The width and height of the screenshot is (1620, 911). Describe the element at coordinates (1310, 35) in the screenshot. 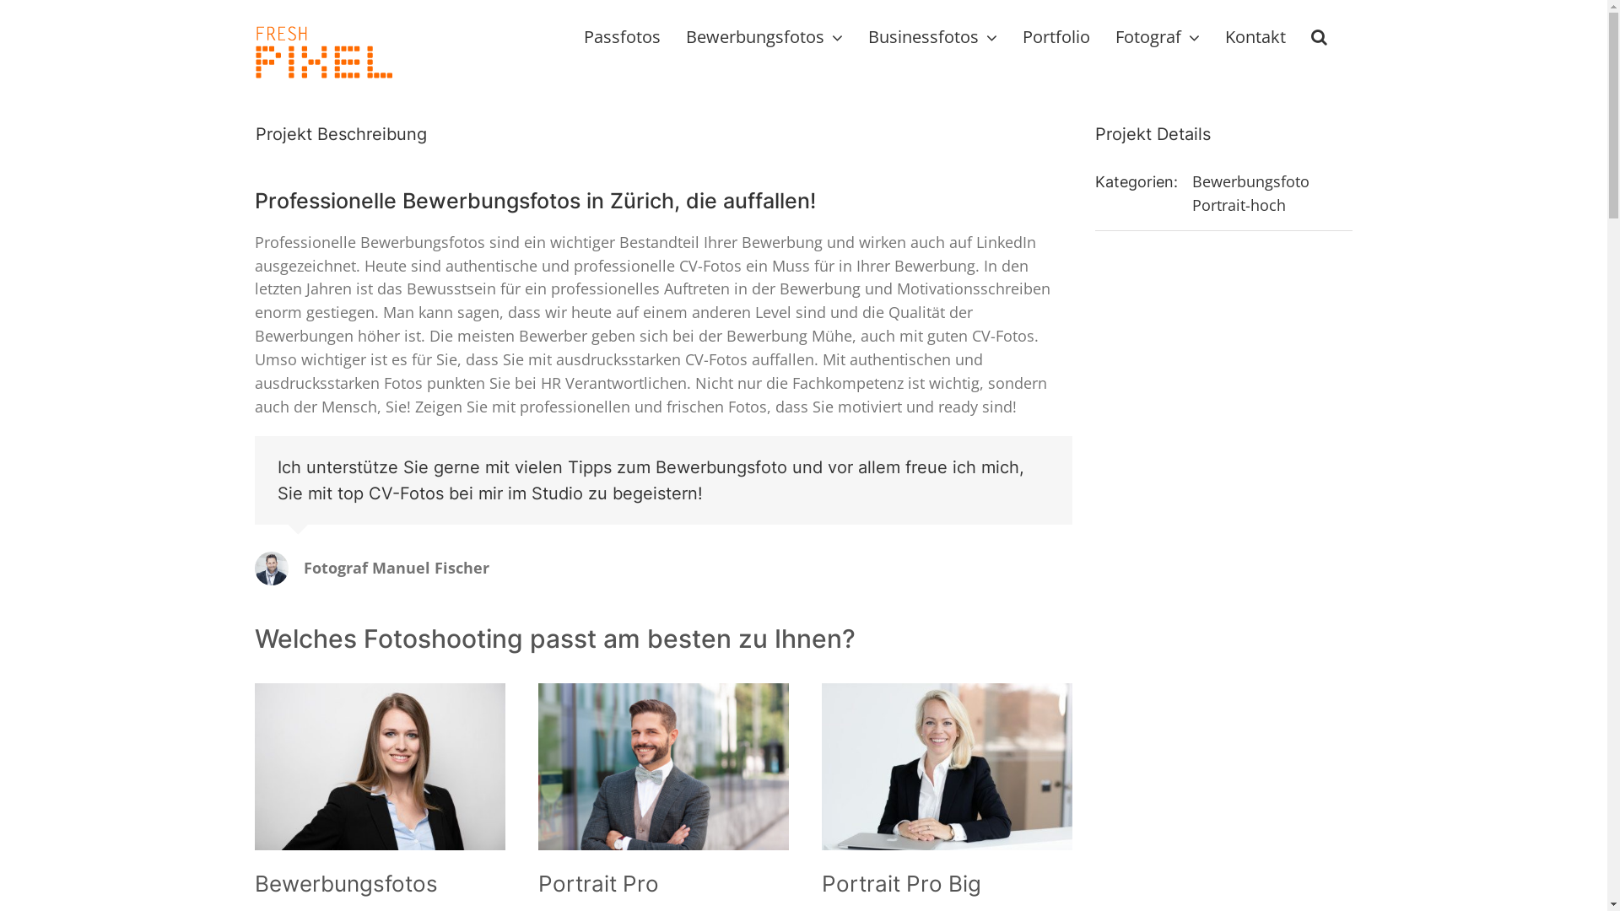

I see `'Suche'` at that location.